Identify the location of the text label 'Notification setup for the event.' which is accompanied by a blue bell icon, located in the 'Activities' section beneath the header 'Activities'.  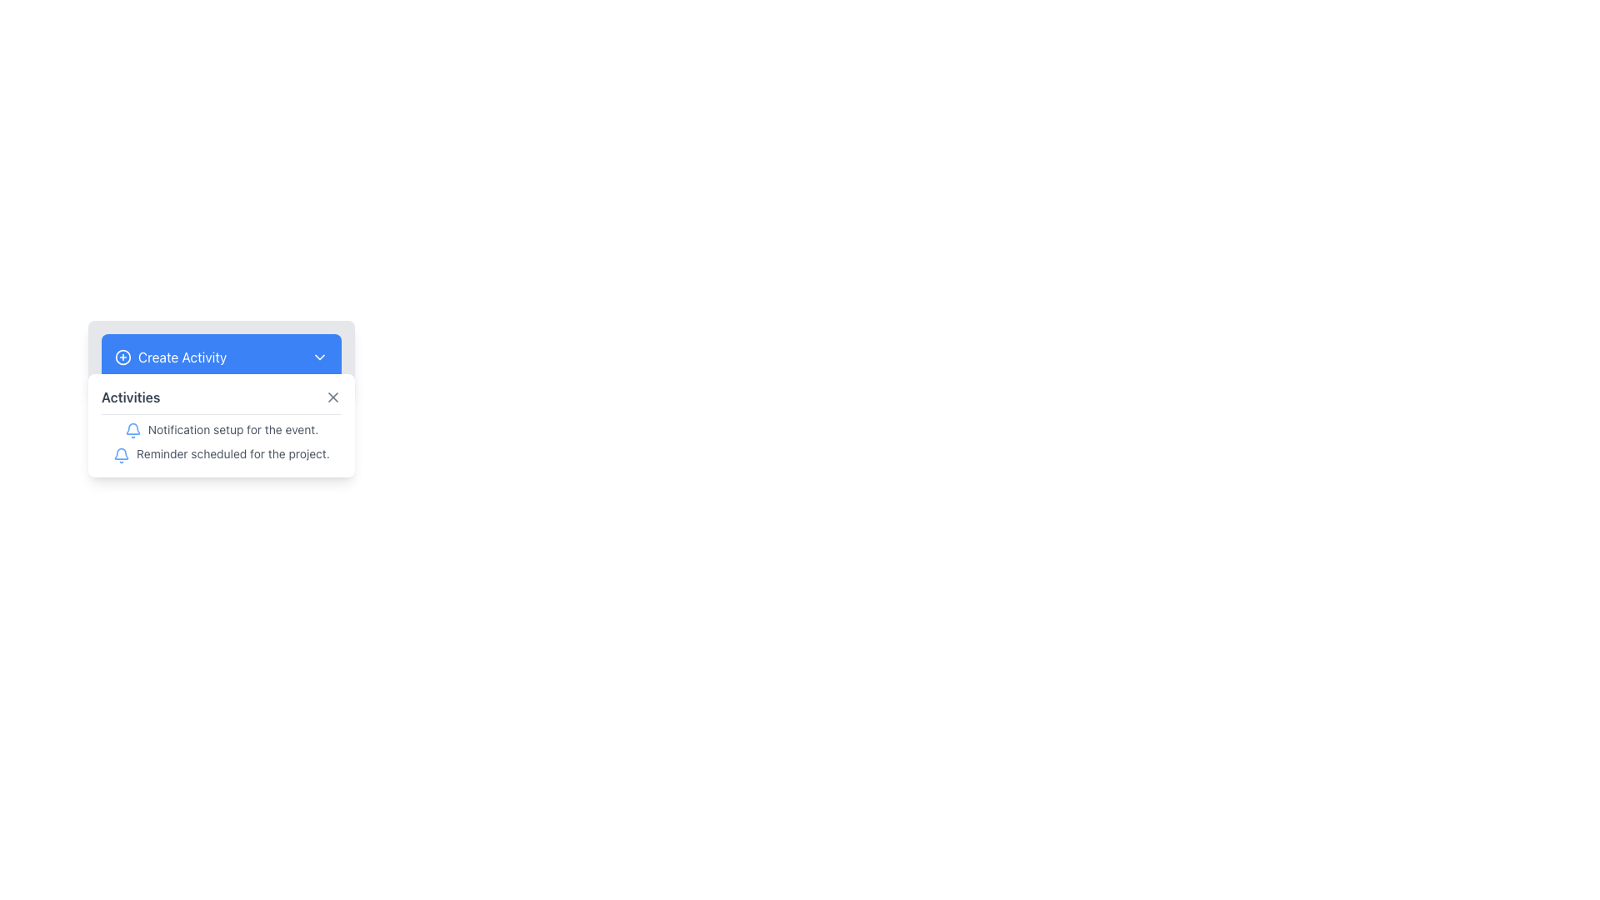
(220, 429).